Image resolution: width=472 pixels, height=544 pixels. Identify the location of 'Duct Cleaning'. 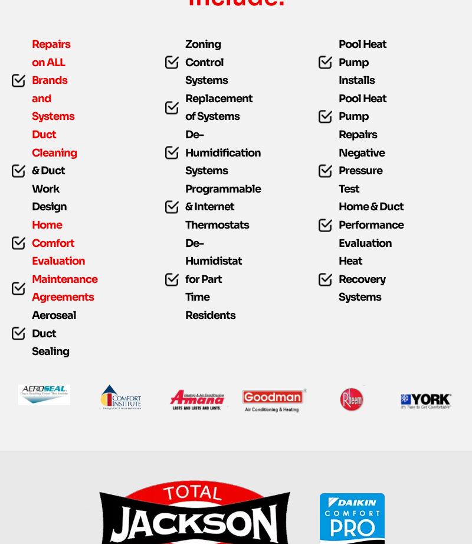
(54, 167).